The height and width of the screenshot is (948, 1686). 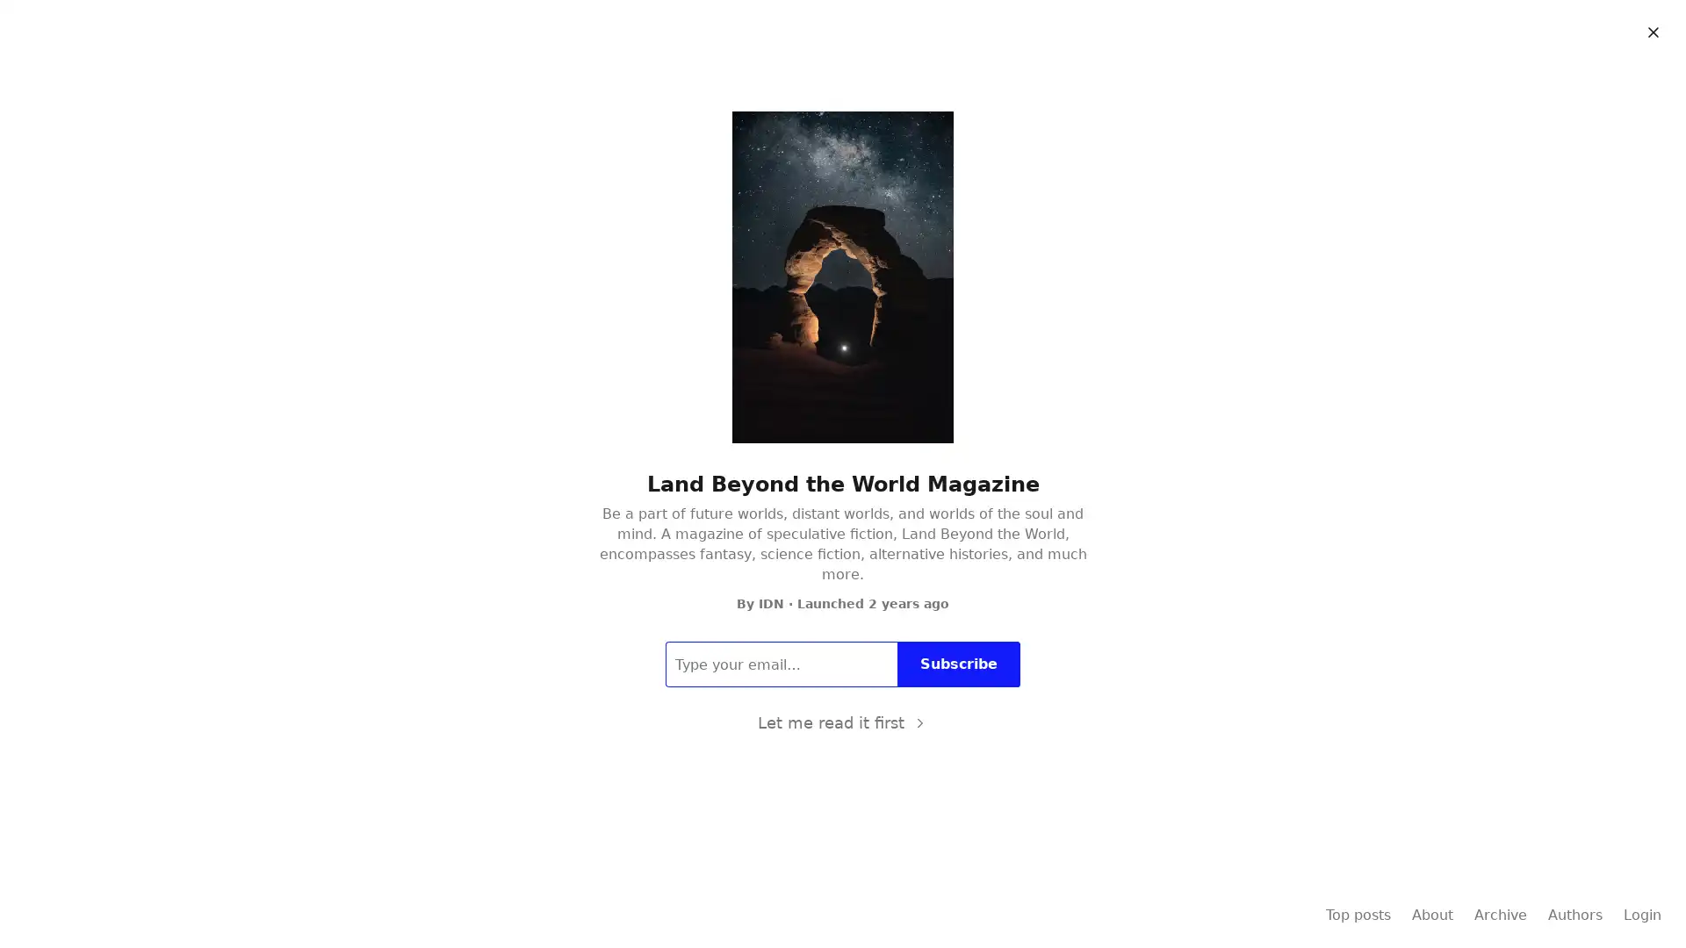 I want to click on Let me read it first, so click(x=841, y=723).